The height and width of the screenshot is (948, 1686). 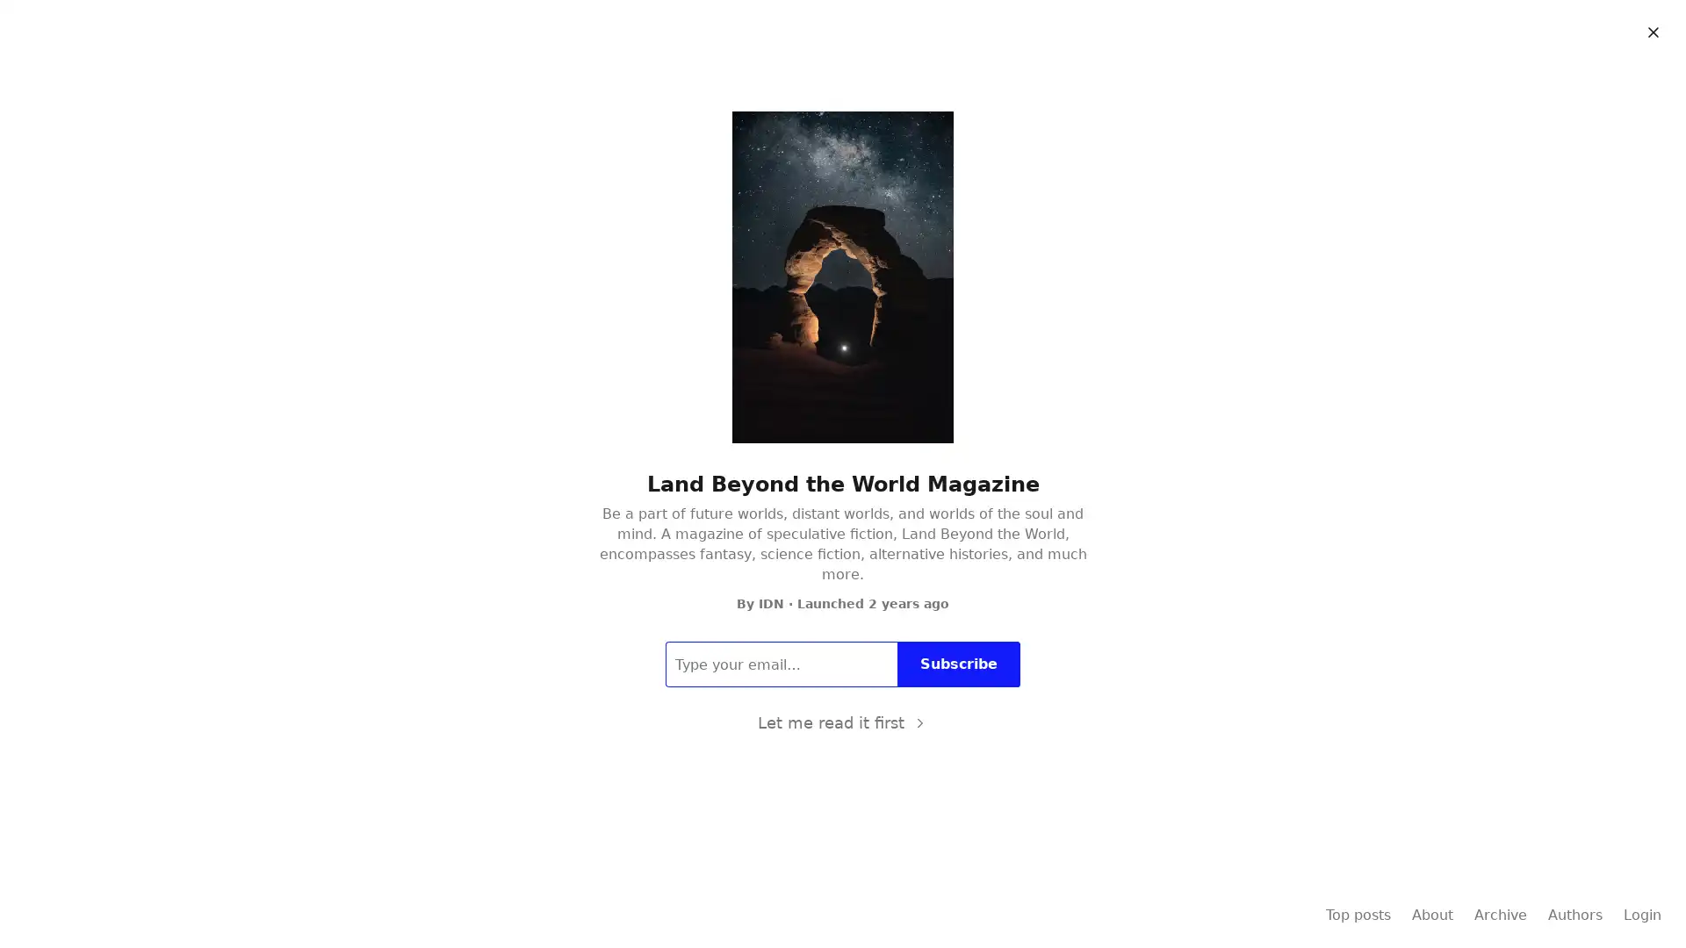 I want to click on Let me read it first, so click(x=841, y=723).